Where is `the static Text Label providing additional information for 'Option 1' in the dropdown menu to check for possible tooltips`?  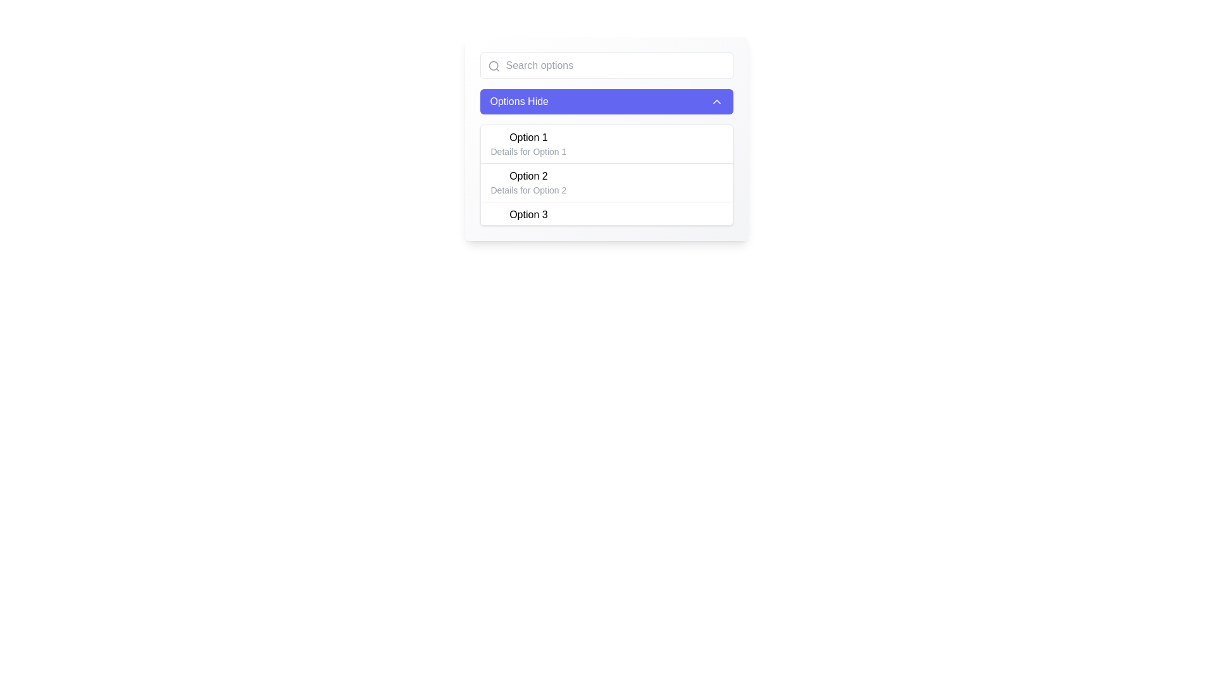 the static Text Label providing additional information for 'Option 1' in the dropdown menu to check for possible tooltips is located at coordinates (528, 151).